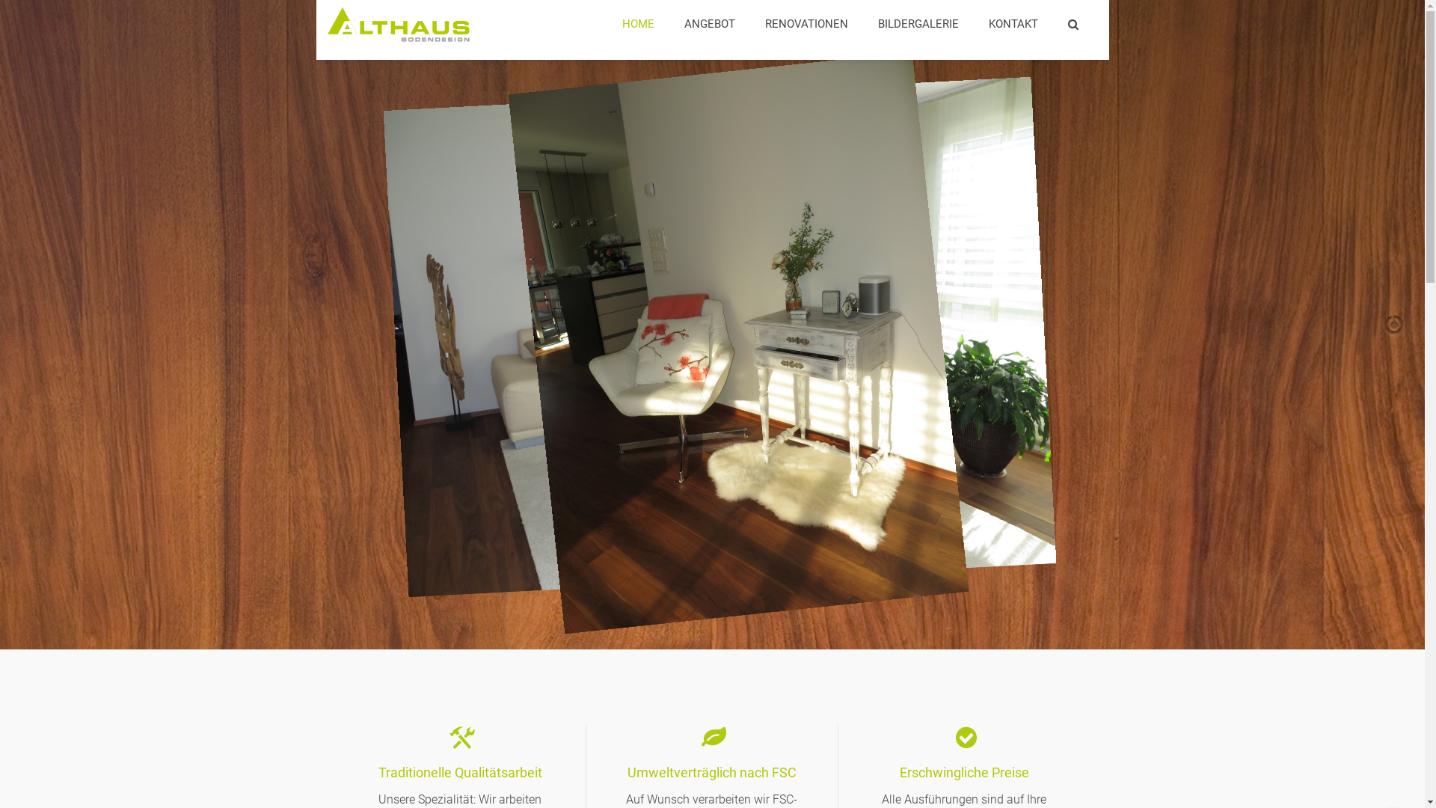 This screenshot has height=808, width=1436. Describe the element at coordinates (973, 24) in the screenshot. I see `'KONTAKT'` at that location.